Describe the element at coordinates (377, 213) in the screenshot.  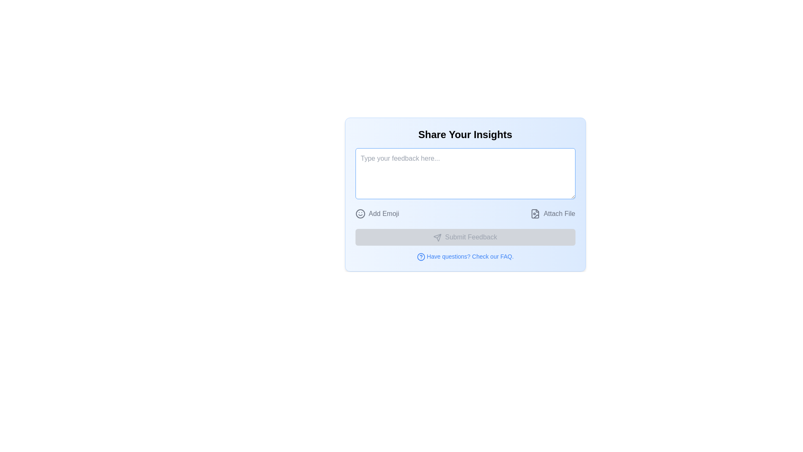
I see `the emoji indicator icon located at the bottom left section of the 'Share Your Insights' panel to initiate adding emojis` at that location.